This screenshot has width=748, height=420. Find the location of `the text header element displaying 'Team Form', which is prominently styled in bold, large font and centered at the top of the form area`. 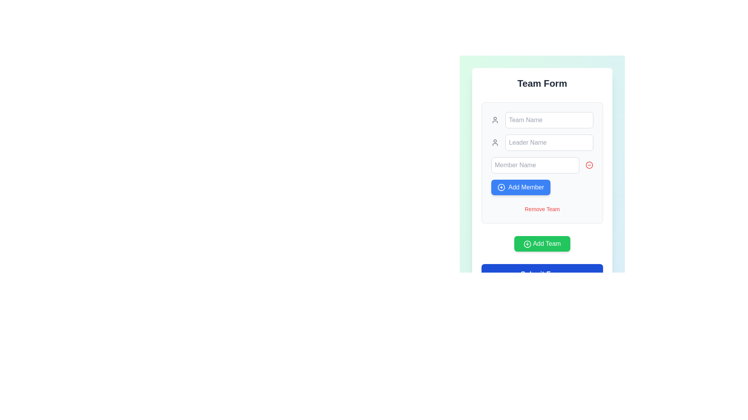

the text header element displaying 'Team Form', which is prominently styled in bold, large font and centered at the top of the form area is located at coordinates (542, 84).